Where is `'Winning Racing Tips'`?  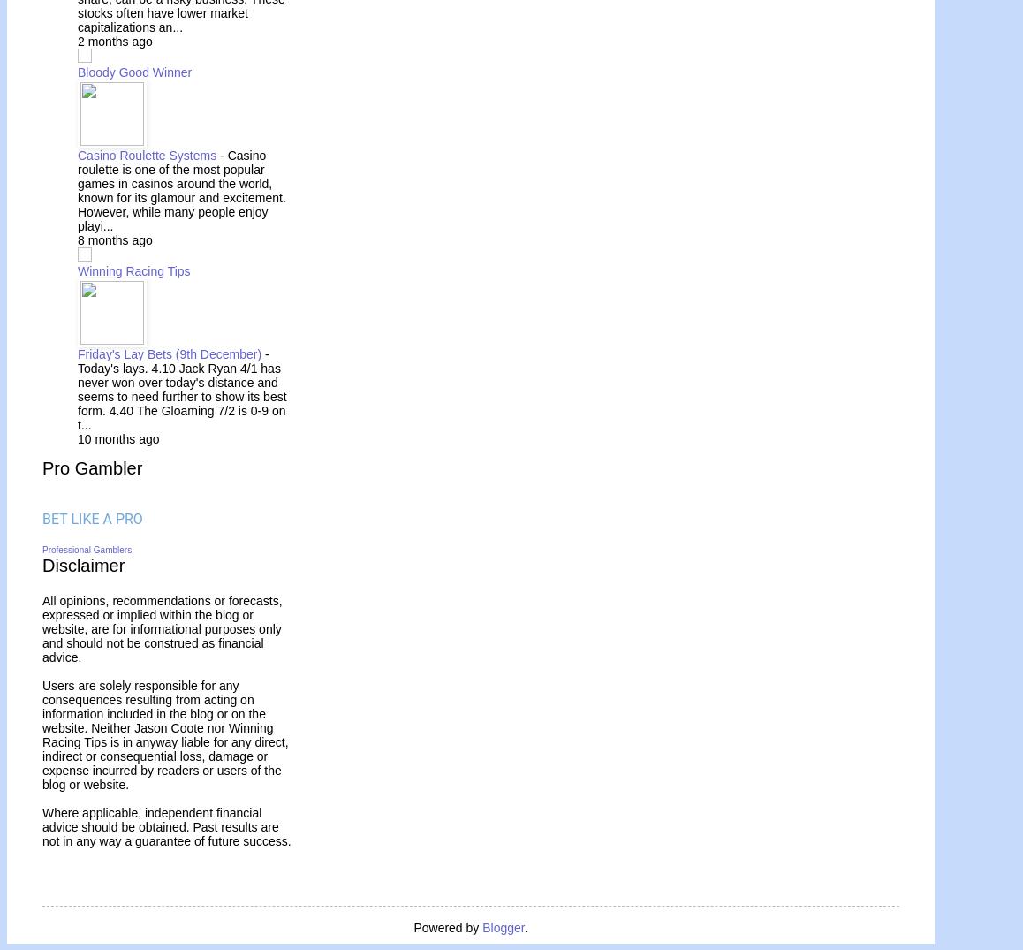
'Winning Racing Tips' is located at coordinates (133, 270).